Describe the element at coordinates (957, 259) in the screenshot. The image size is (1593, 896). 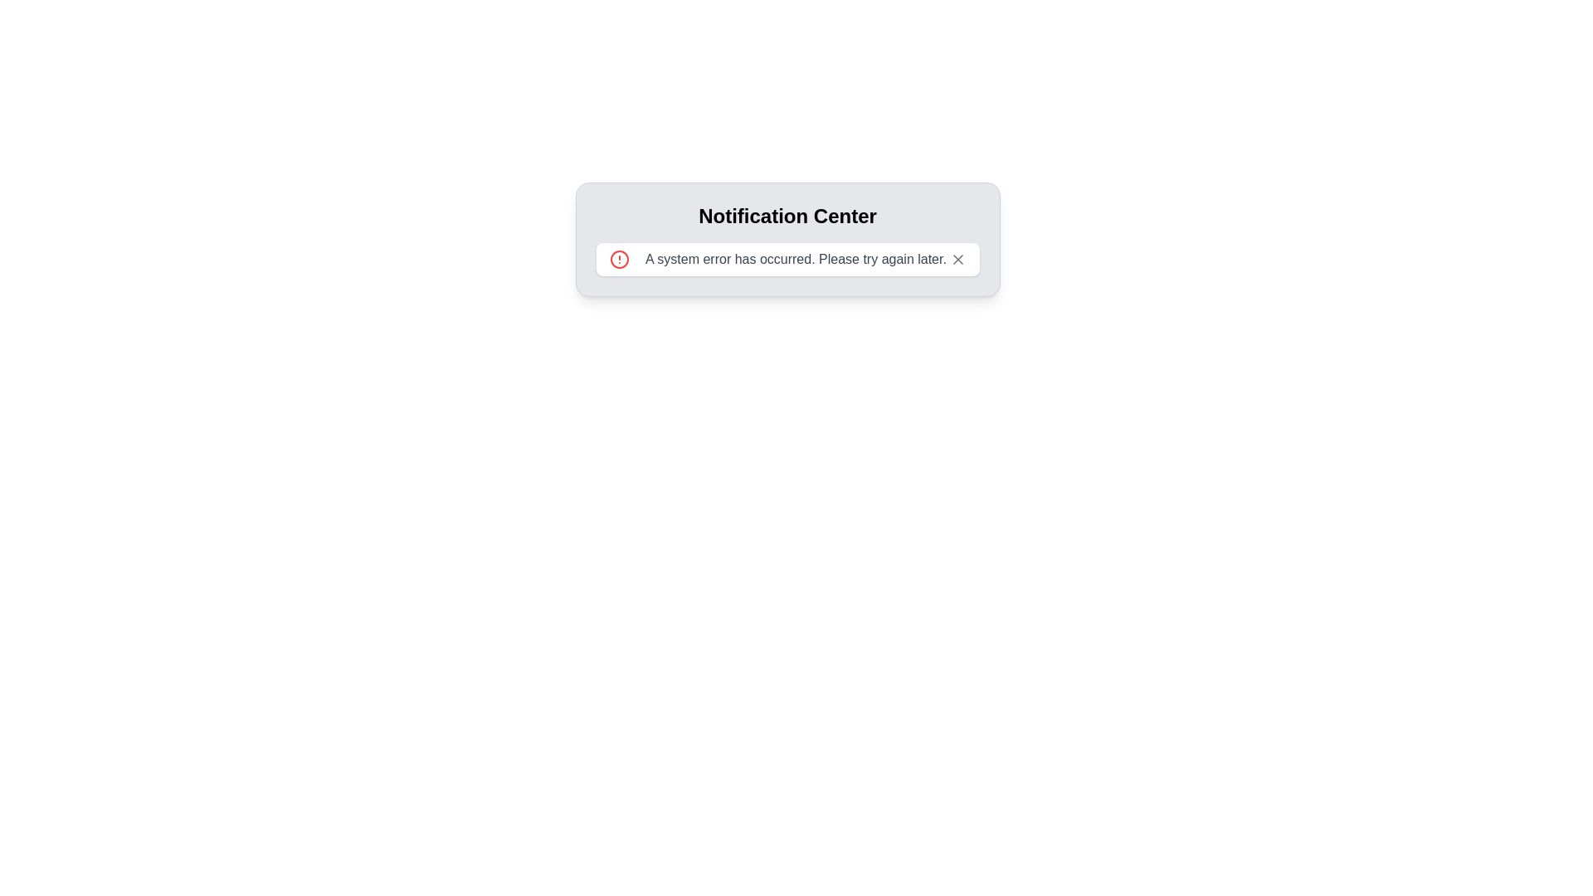
I see `the gray 'X' button in the notification pop-up to trigger the visual feedback of it changing to red` at that location.